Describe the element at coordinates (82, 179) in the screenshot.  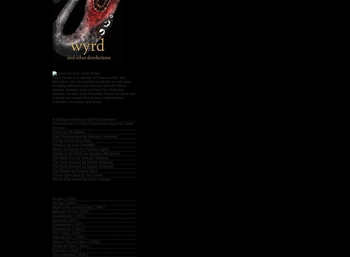
I see `'Worse than Myself by Adam Golaski'` at that location.